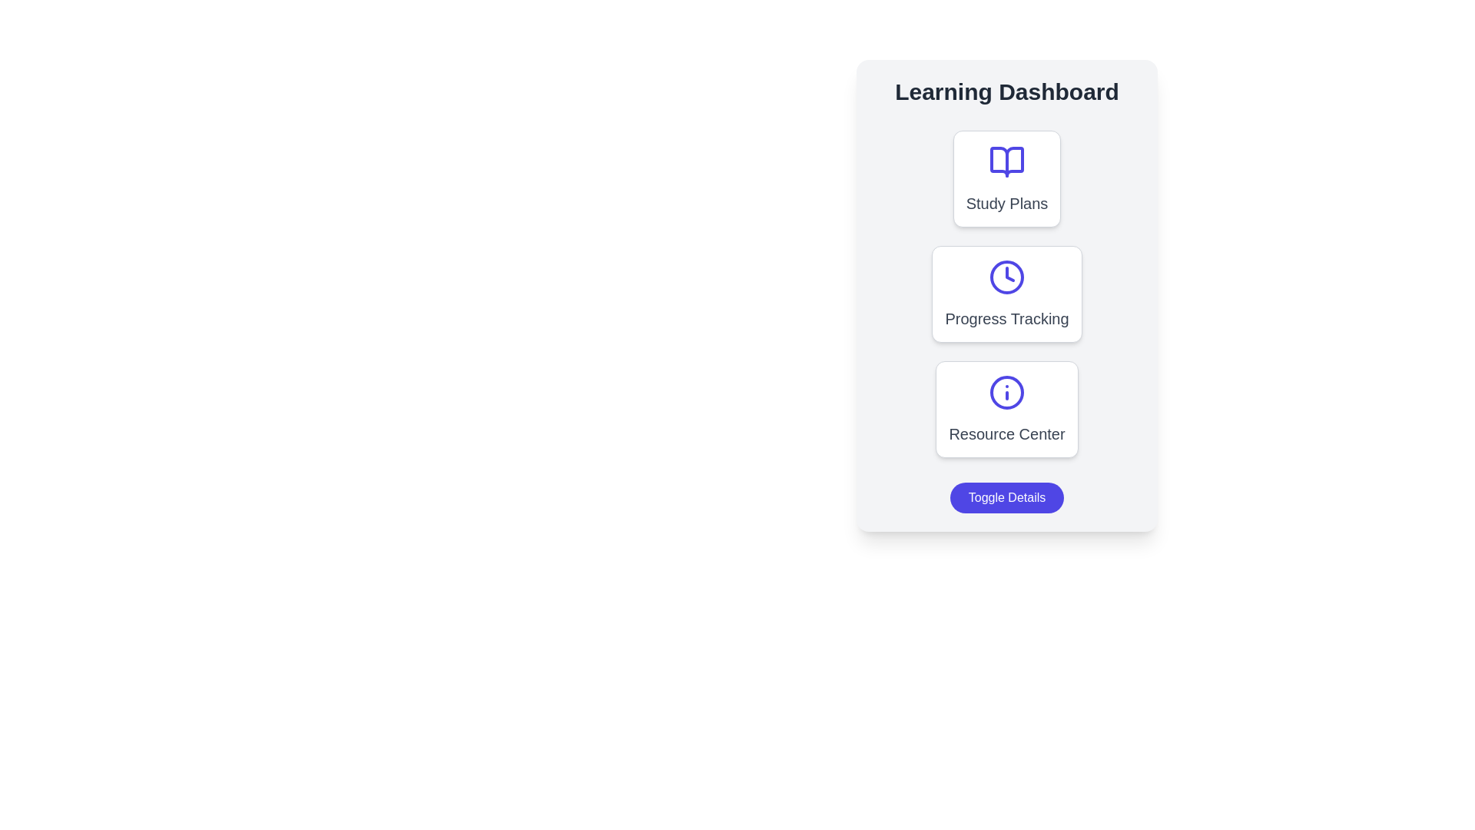 The height and width of the screenshot is (830, 1475). I want to click on the 'Resource Center' clickable card element, which is the third card in a group of three, featuring a white background, rounded corners, and an 'i' icon at the top, so click(1006, 408).